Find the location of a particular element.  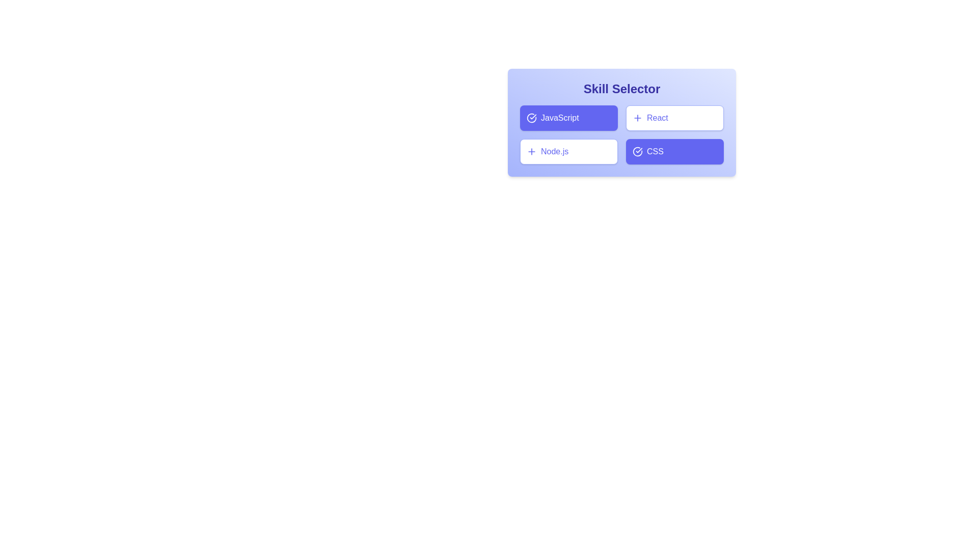

the skill card for CSS is located at coordinates (674, 151).